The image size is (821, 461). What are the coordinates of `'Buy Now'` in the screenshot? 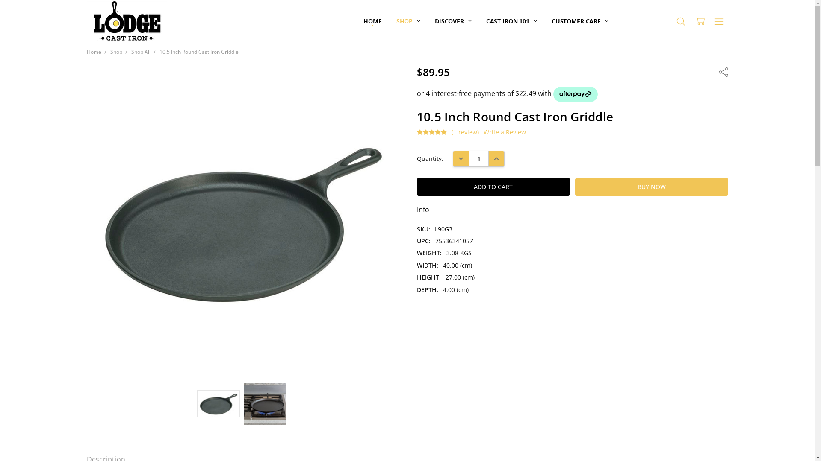 It's located at (651, 187).